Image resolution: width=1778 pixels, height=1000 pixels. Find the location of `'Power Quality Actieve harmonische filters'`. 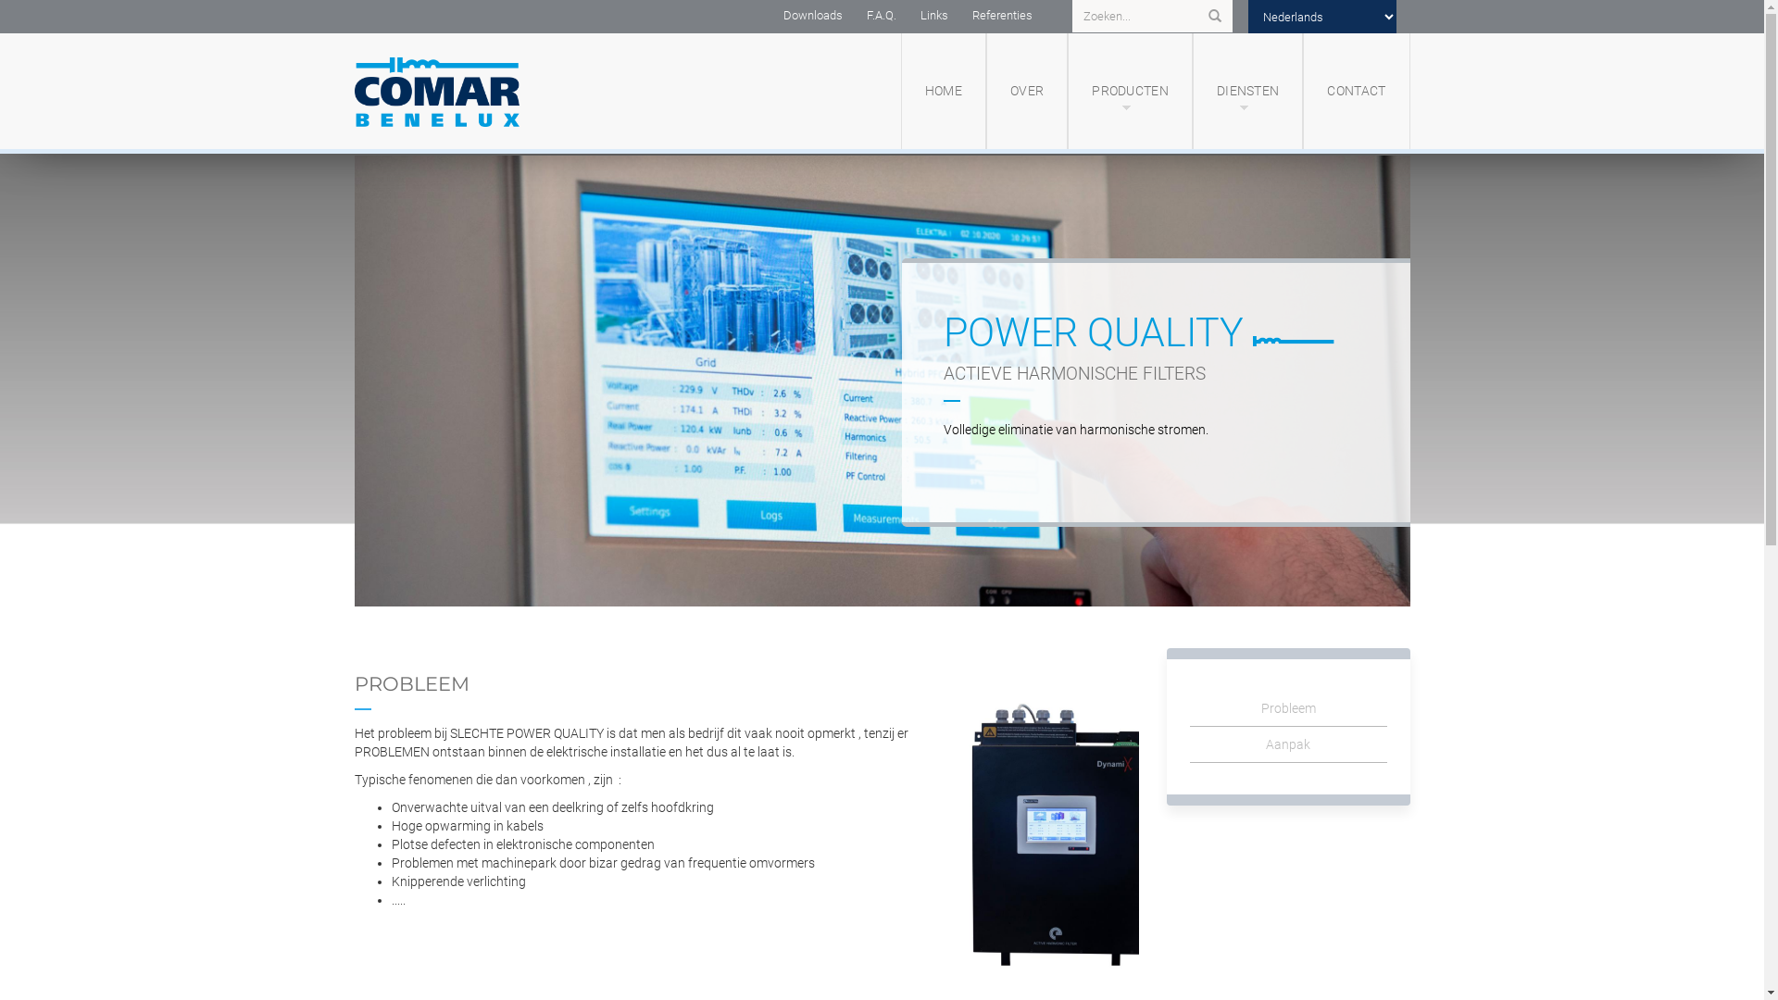

'Power Quality Actieve harmonische filters' is located at coordinates (880, 380).